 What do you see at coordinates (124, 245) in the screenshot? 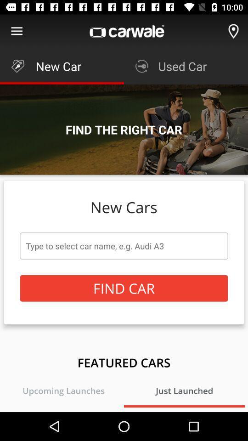
I see `the item above the find car icon` at bounding box center [124, 245].